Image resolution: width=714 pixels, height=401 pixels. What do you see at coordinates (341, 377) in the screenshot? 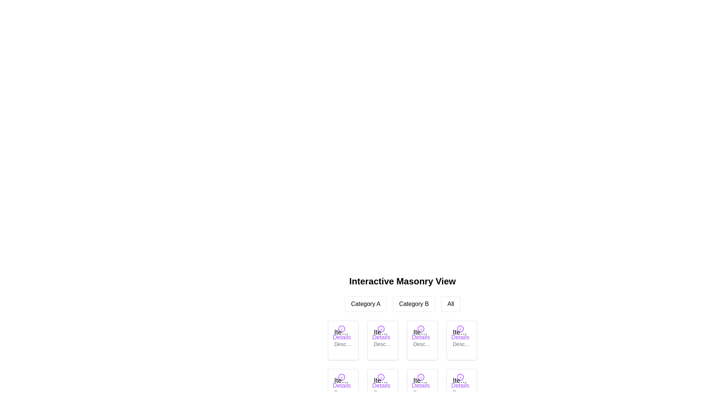
I see `the circular SVG shape that is part of a composite icon located in the first column of the second row in a masonry grid layout` at bounding box center [341, 377].